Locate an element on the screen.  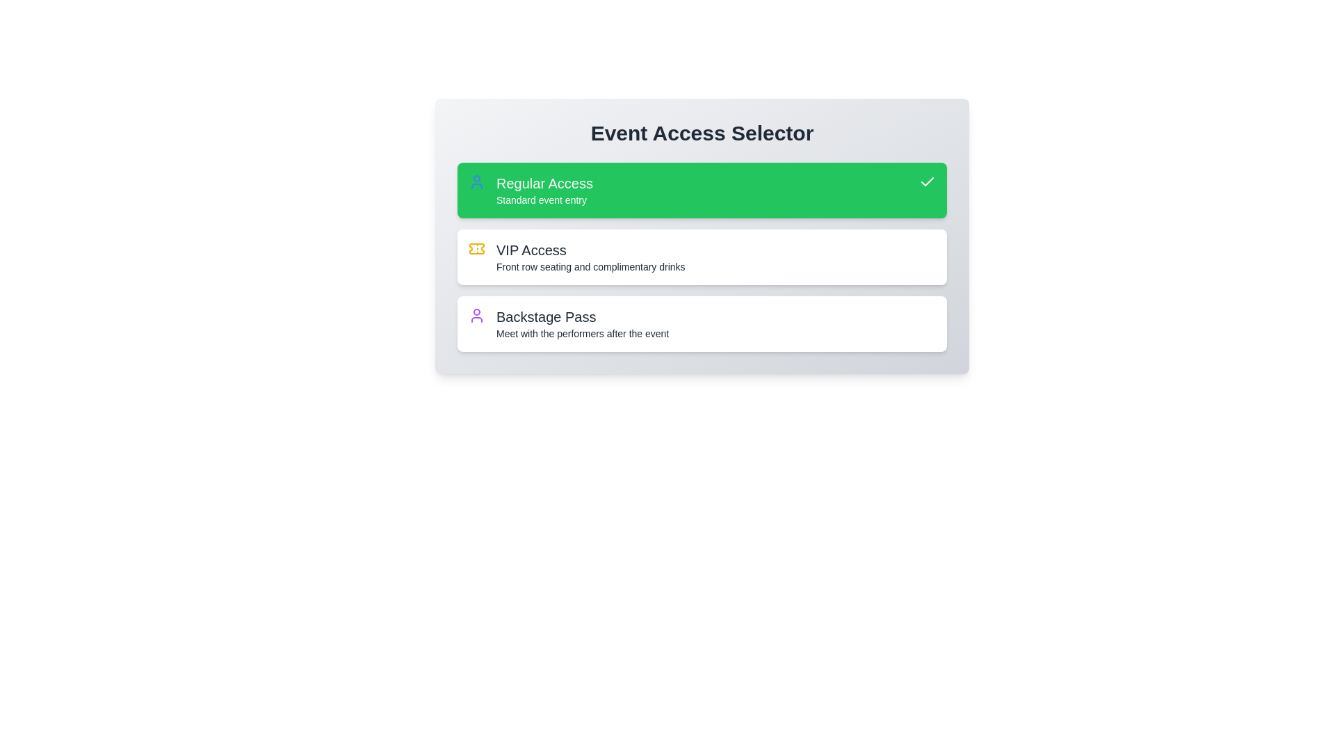
the blue user profile icon located on the left edge of the 'Regular Access' button, which is the topmost element in the Event Access Selector card is located at coordinates (477, 190).